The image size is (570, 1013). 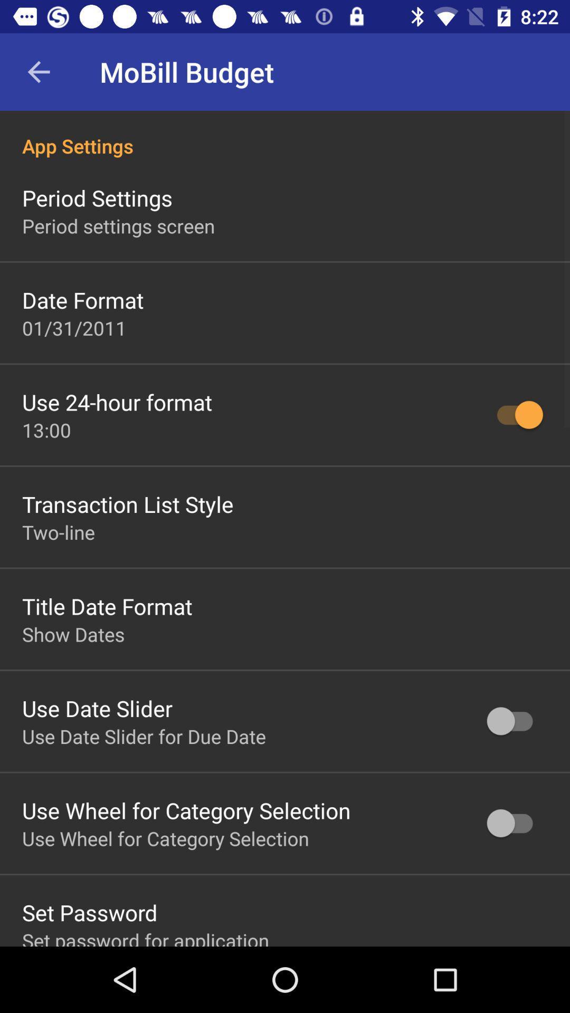 I want to click on the two-line app, so click(x=59, y=532).